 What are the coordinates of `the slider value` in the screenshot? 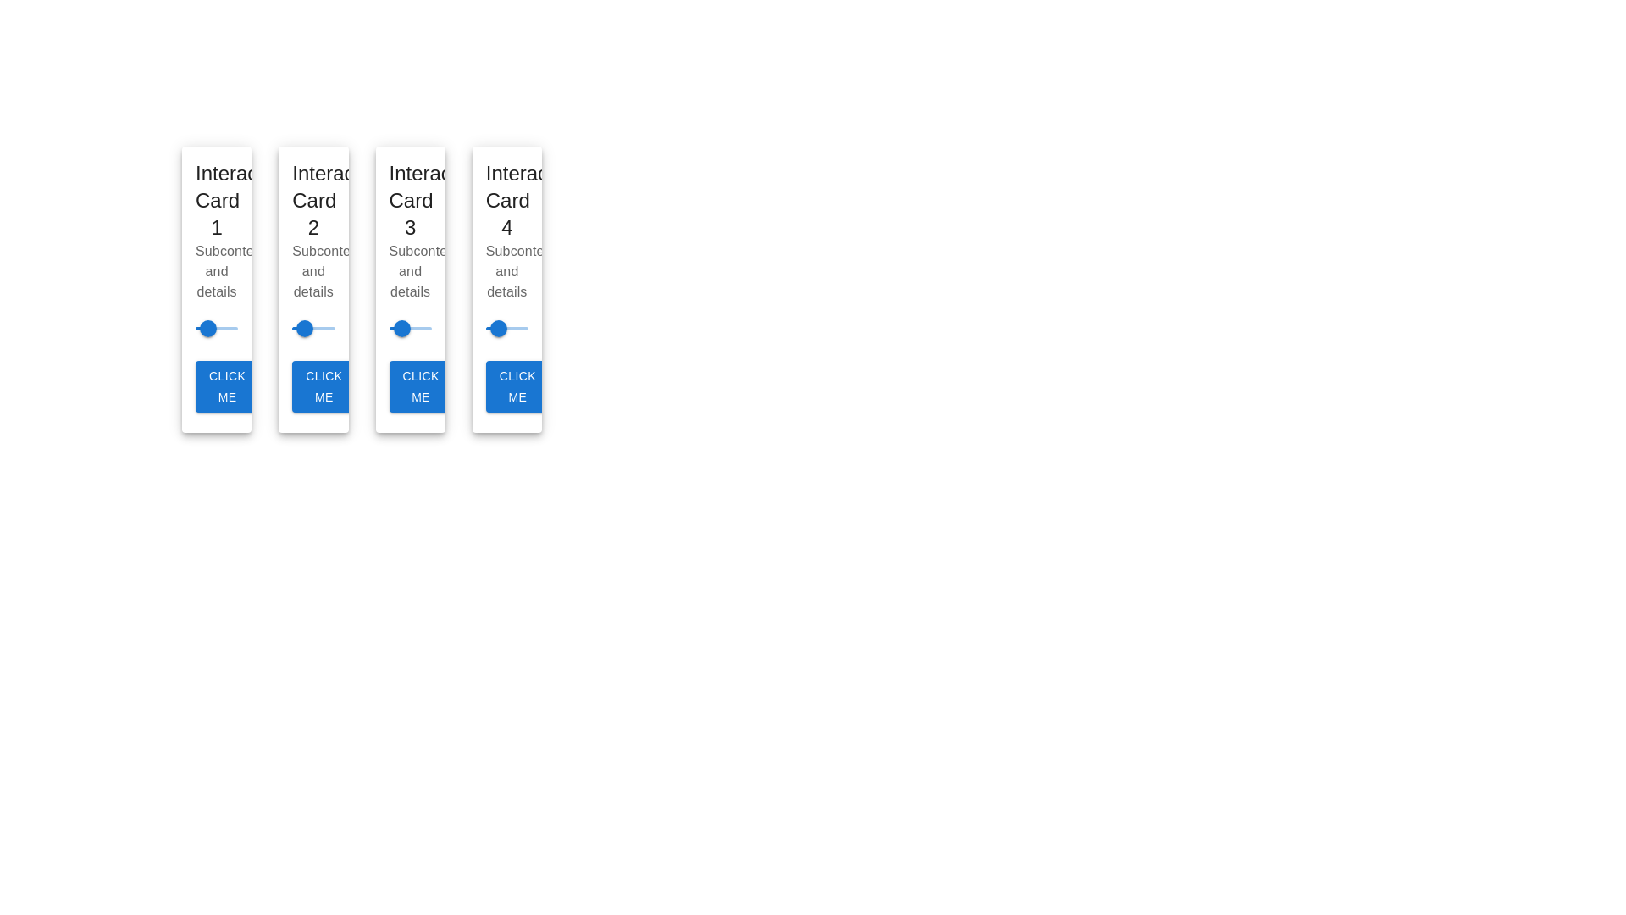 It's located at (408, 329).